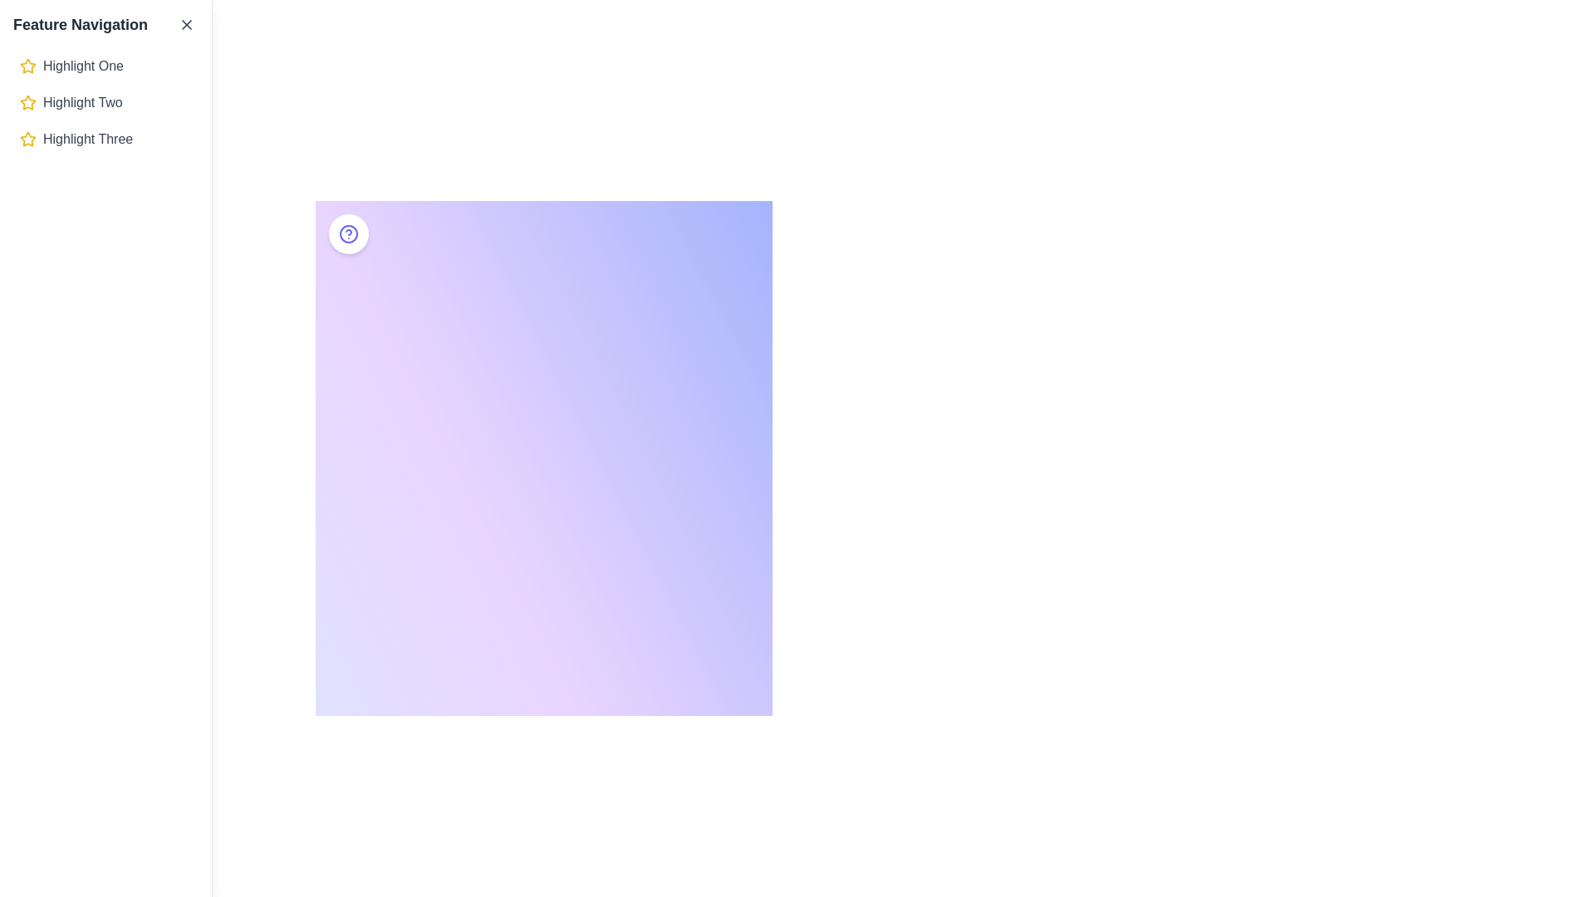 This screenshot has width=1595, height=897. What do you see at coordinates (79, 25) in the screenshot?
I see `the text label that displays the title or header of the navigation section in the top-left section of the vertical sidebar` at bounding box center [79, 25].